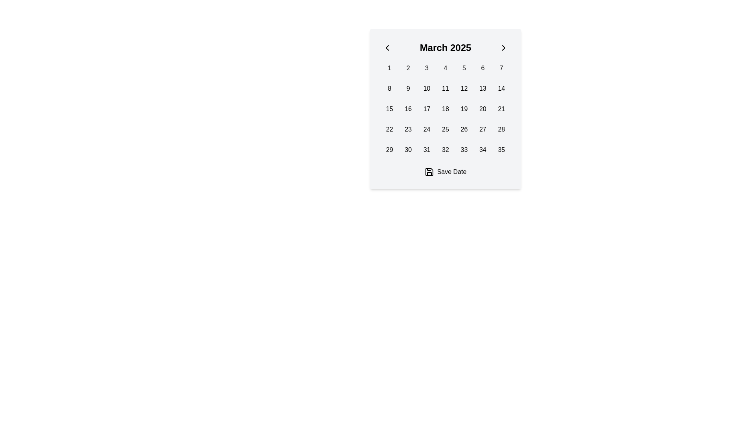 The image size is (755, 424). Describe the element at coordinates (504, 48) in the screenshot. I see `the small, outlined button with a right-facing arrow located in the header of the calendar interface` at that location.